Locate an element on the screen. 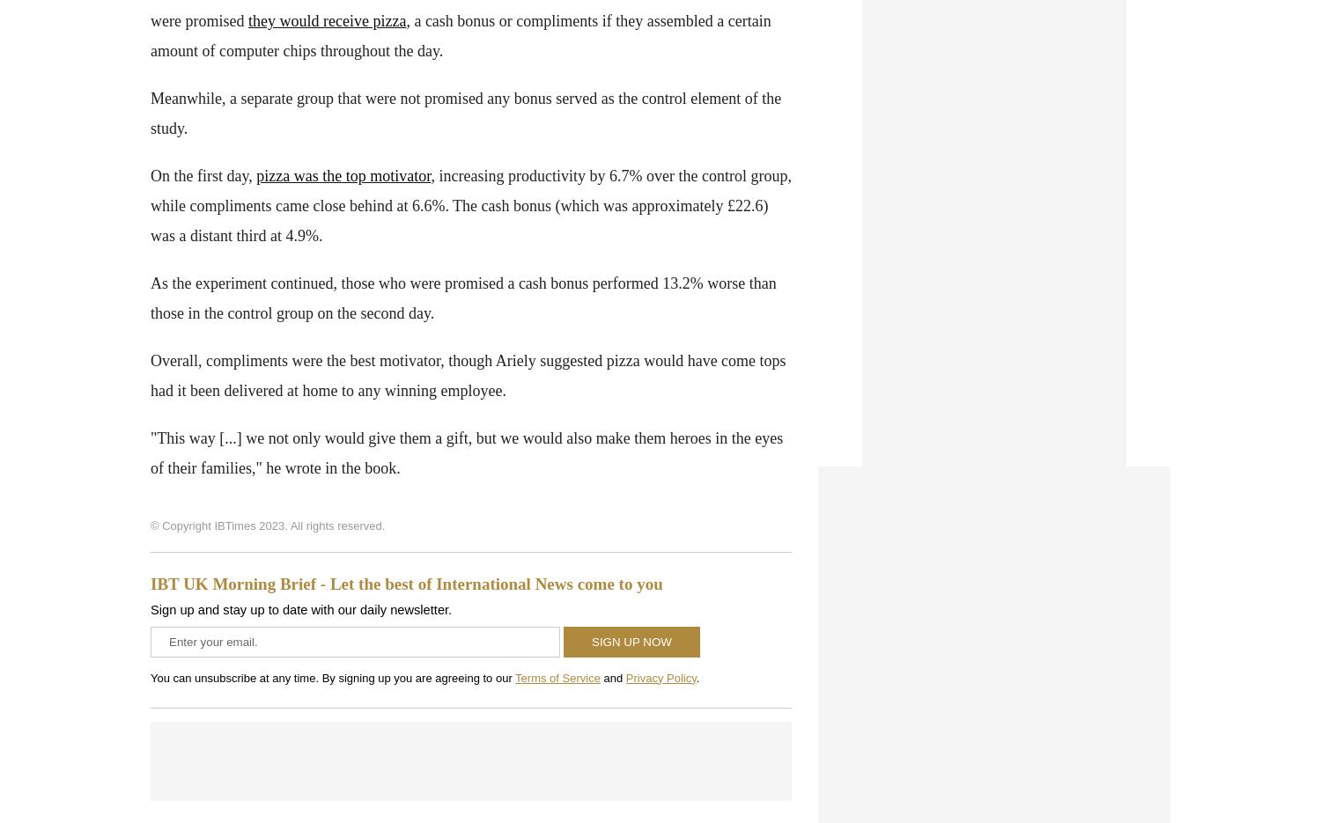 Image resolution: width=1321 pixels, height=823 pixels. '© Copyright IBTimes 2023. All rights reserved.' is located at coordinates (268, 524).